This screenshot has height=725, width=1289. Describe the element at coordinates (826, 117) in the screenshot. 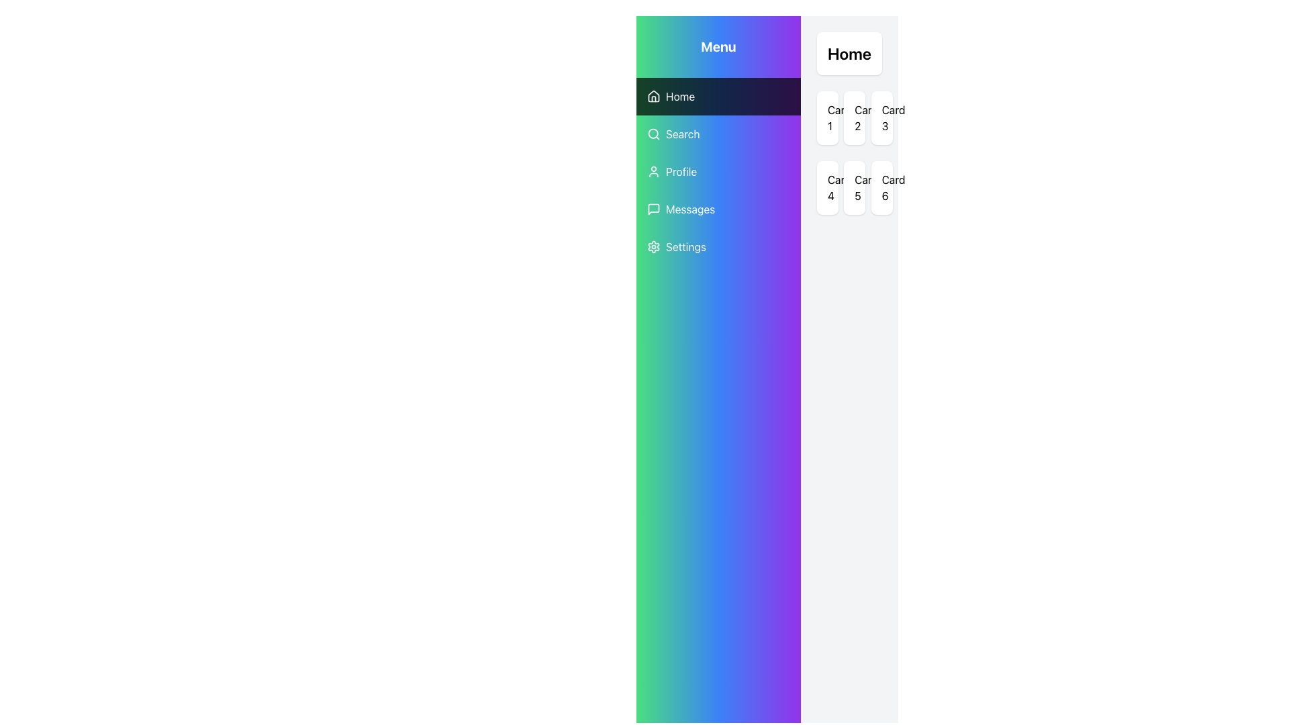

I see `the first card in the grid layout, which has a white background, rounded corners, and displays the text 'Card 1'` at that location.